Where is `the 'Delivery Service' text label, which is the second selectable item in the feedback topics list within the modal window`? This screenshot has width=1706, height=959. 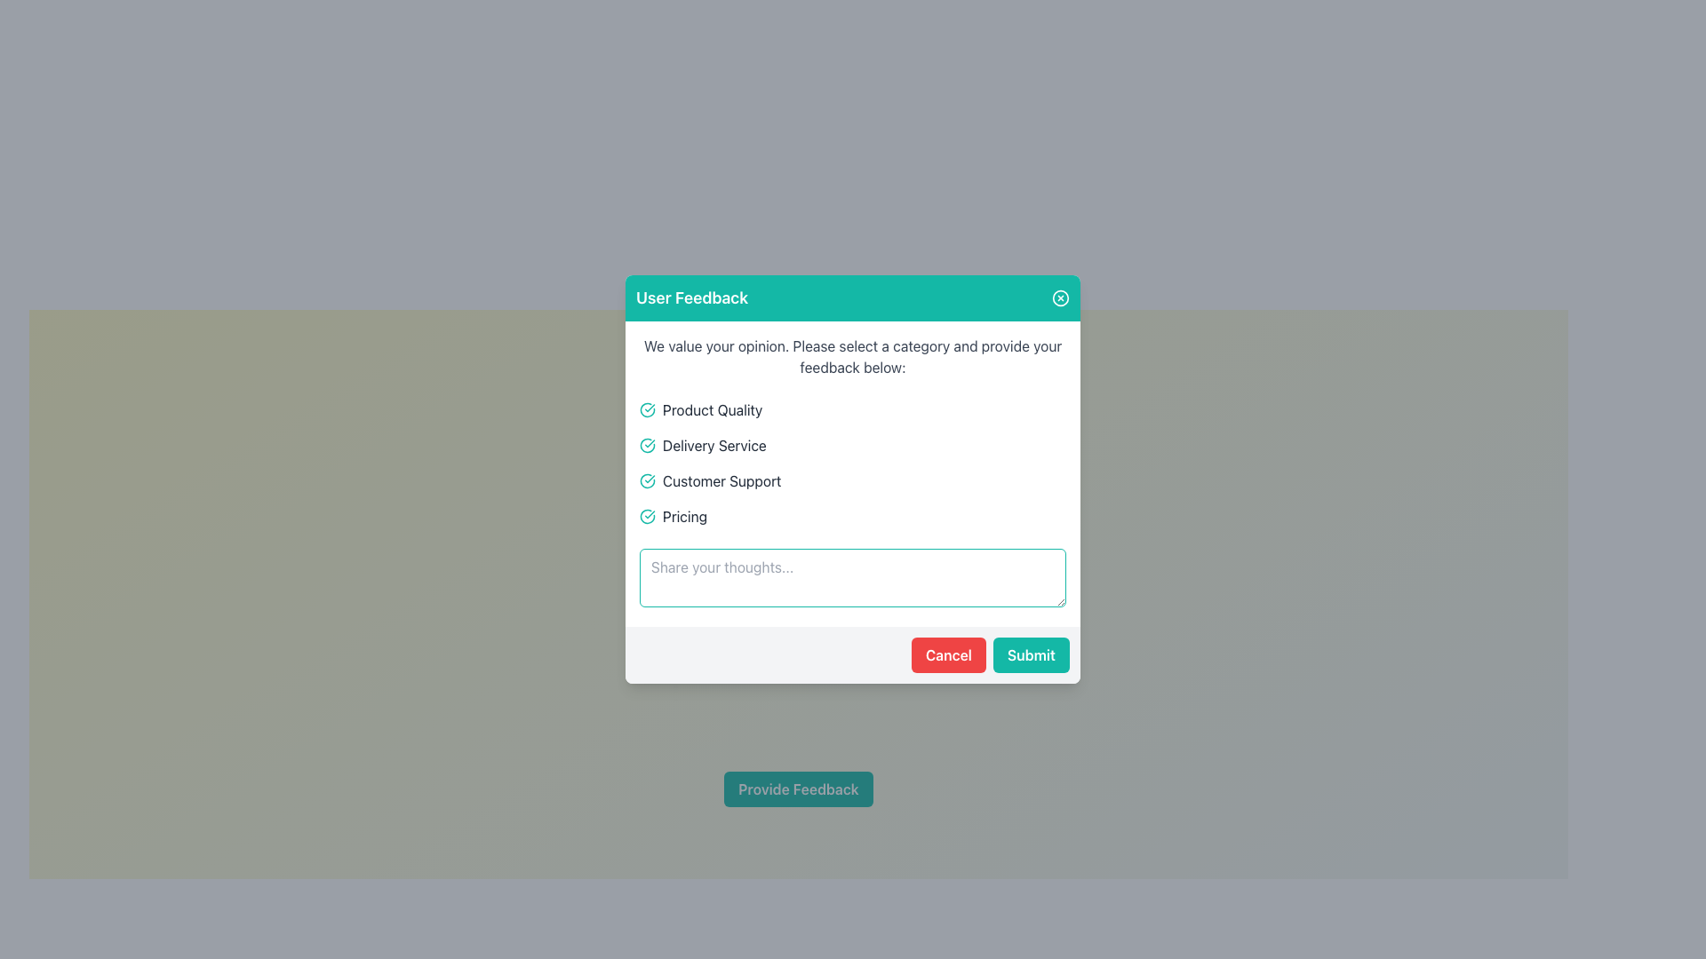
the 'Delivery Service' text label, which is the second selectable item in the feedback topics list within the modal window is located at coordinates (714, 444).